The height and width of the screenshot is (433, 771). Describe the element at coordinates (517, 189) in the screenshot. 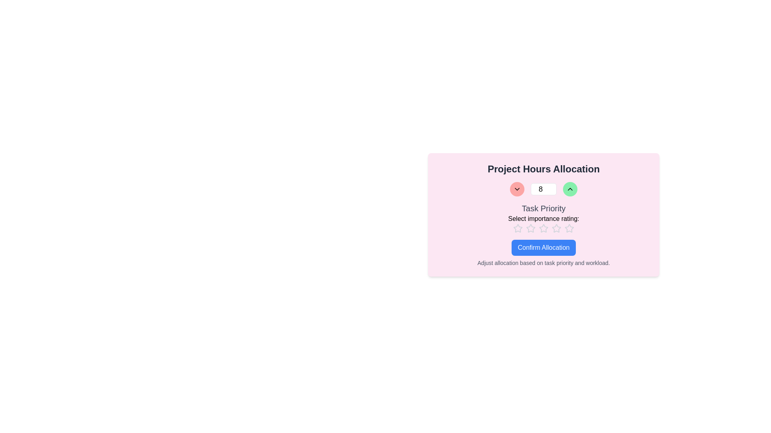

I see `the circular red button with a downward chevron icon, located in the control strip labeled 'Project Hours Allocation'` at that location.